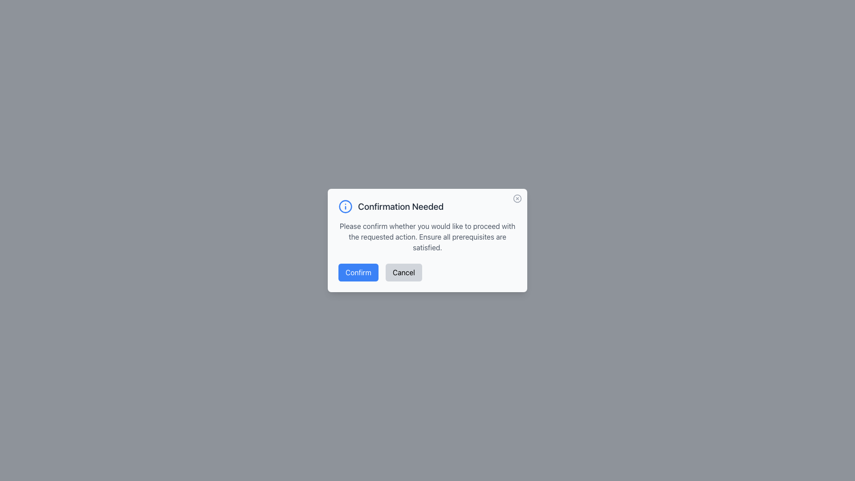 This screenshot has width=855, height=481. I want to click on the circular informational icon with a blue border that features an 'i' symbol, located to the left of the text 'Confirmation Needed' in the confirmation dialog box, so click(345, 206).